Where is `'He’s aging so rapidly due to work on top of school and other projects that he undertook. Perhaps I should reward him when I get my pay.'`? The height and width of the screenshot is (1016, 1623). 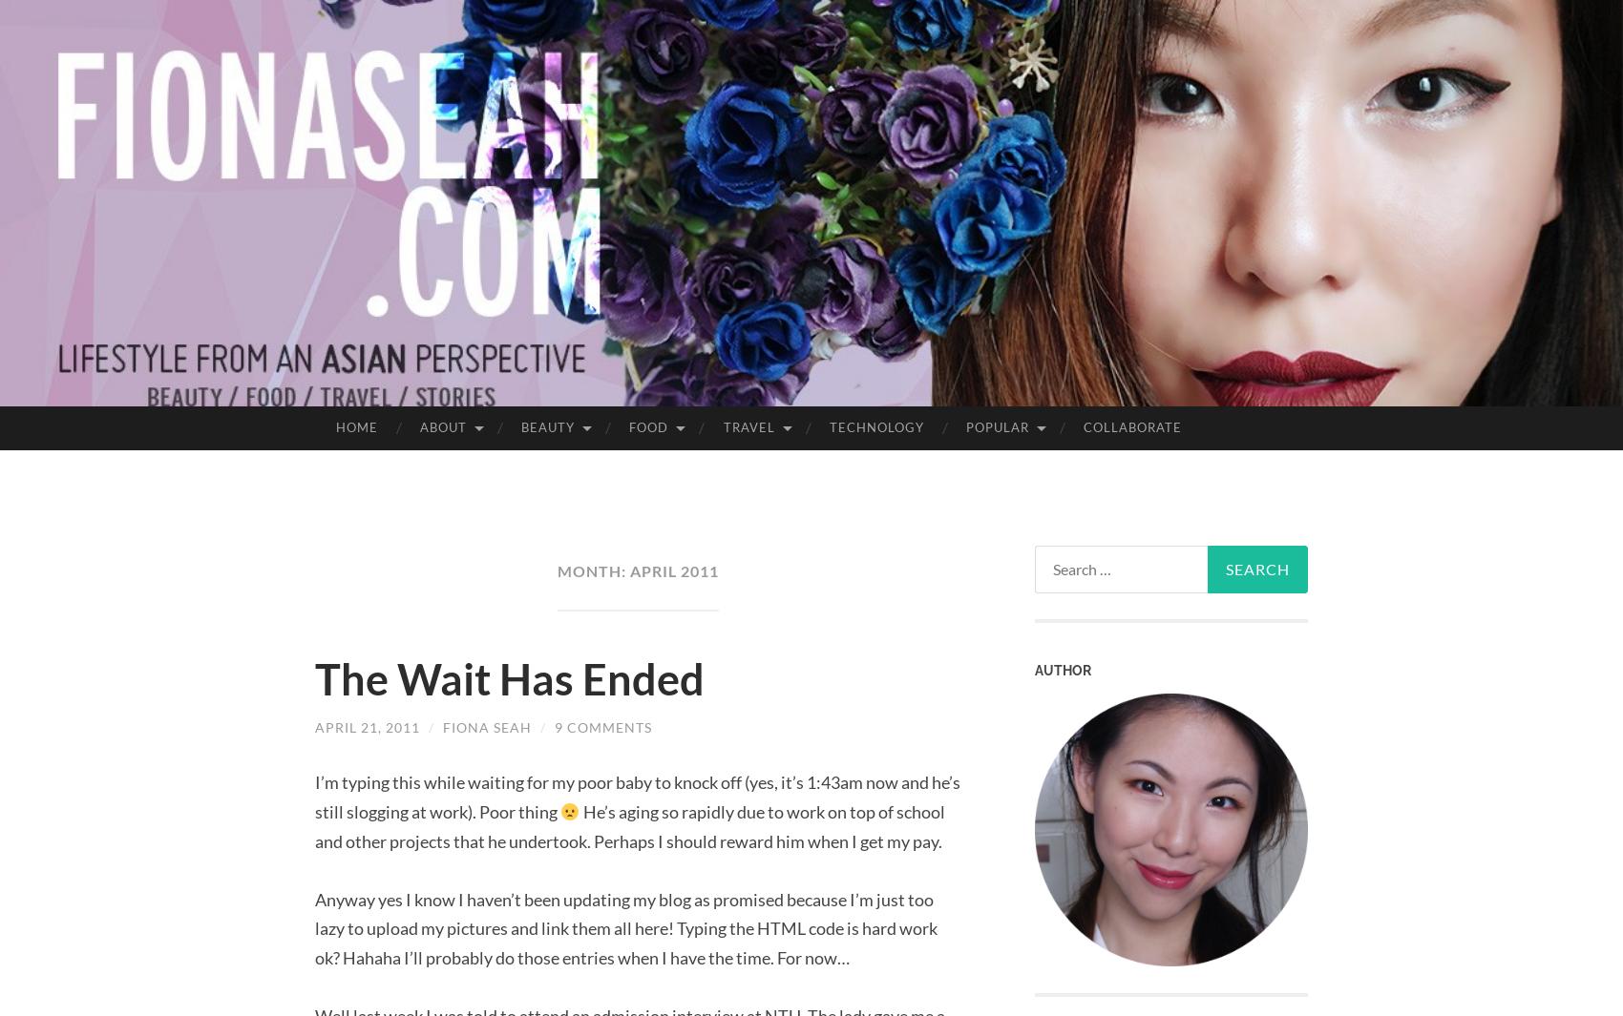
'He’s aging so rapidly due to work on top of school and other projects that he undertook. Perhaps I should reward him when I get my pay.' is located at coordinates (629, 825).